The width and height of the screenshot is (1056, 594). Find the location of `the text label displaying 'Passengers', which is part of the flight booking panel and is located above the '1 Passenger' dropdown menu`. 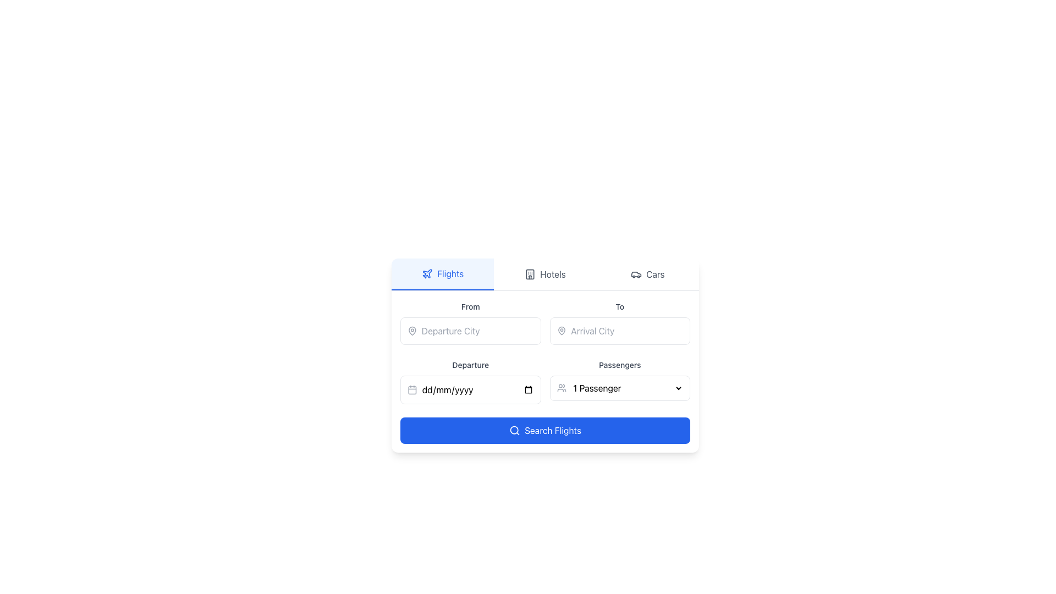

the text label displaying 'Passengers', which is part of the flight booking panel and is located above the '1 Passenger' dropdown menu is located at coordinates (620, 365).